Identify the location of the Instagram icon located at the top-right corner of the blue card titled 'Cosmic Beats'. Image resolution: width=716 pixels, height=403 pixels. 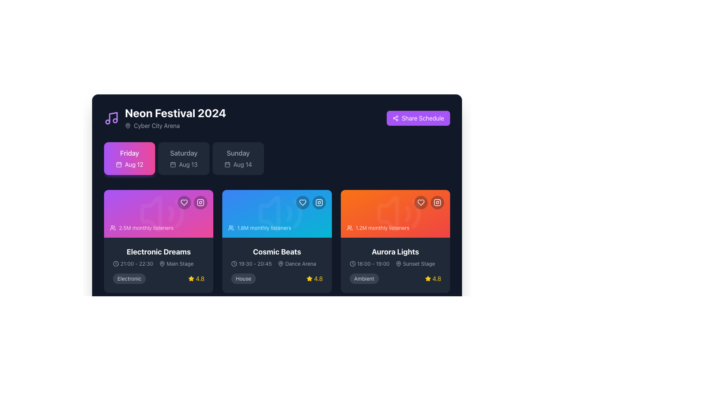
(319, 203).